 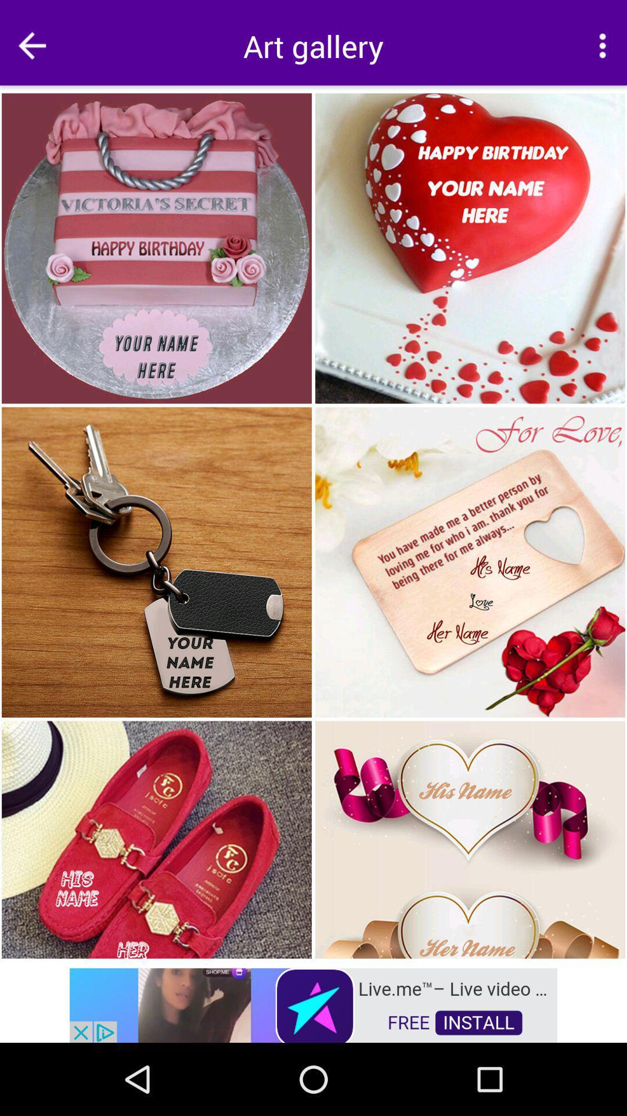 What do you see at coordinates (601, 45) in the screenshot?
I see `more option` at bounding box center [601, 45].